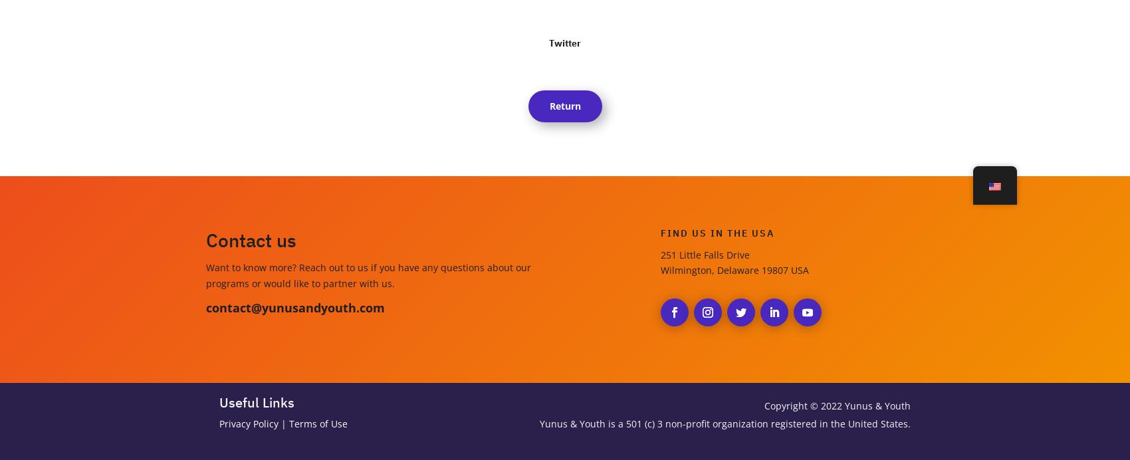  What do you see at coordinates (284, 423) in the screenshot?
I see `'|'` at bounding box center [284, 423].